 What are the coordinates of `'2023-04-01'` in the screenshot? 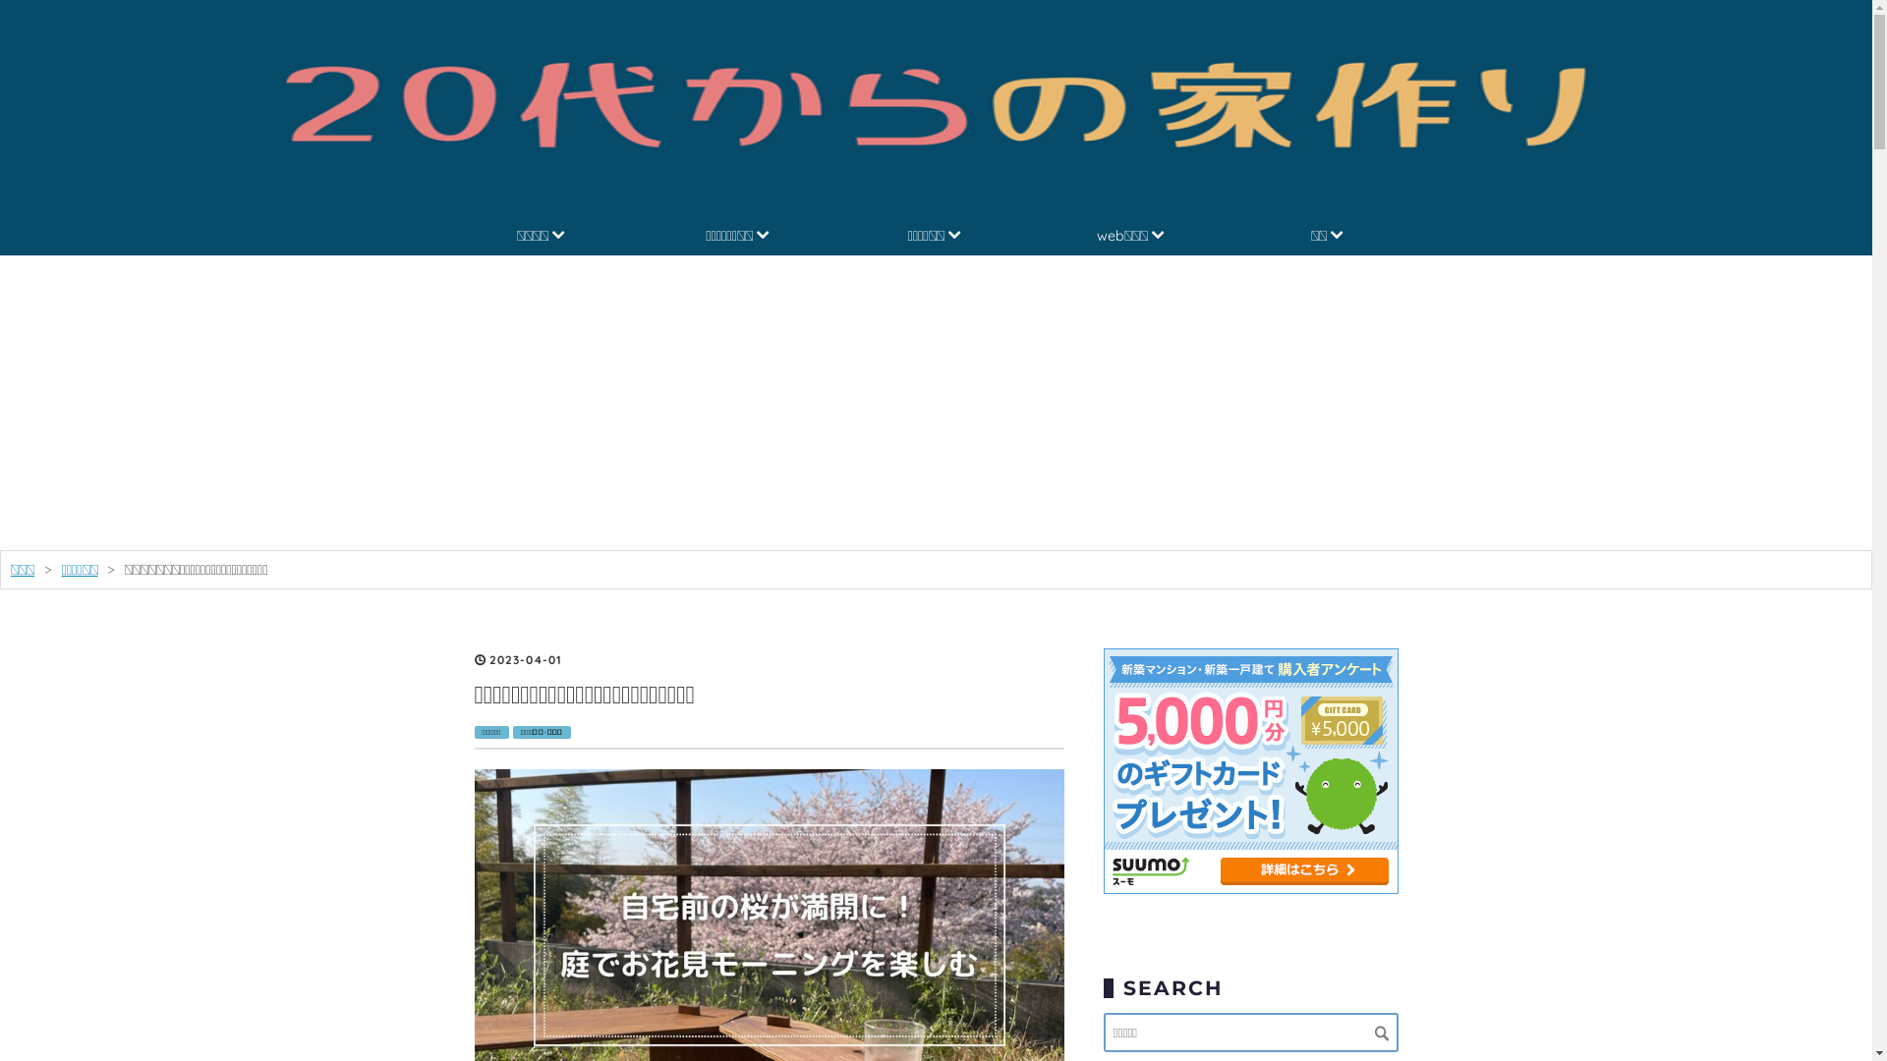 It's located at (526, 659).